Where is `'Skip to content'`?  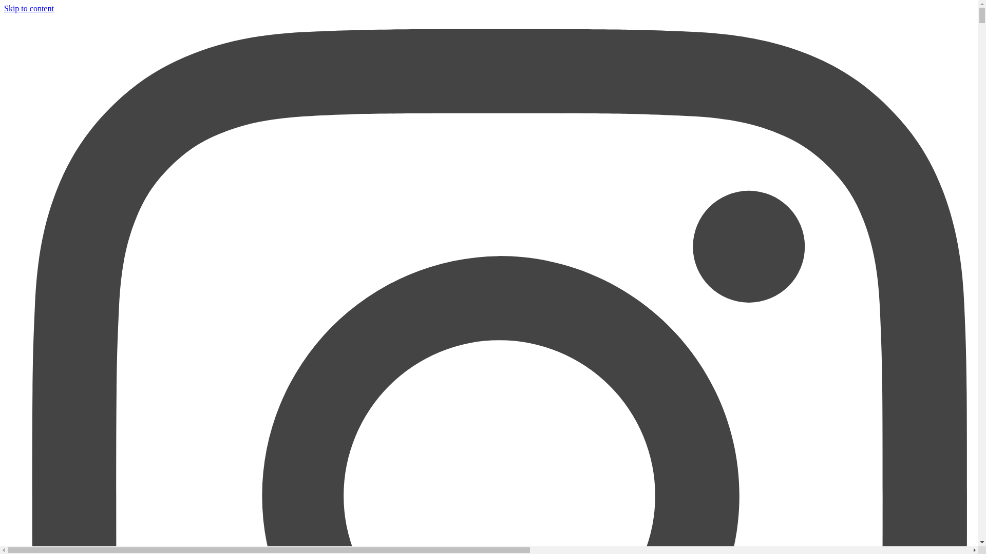
'Skip to content' is located at coordinates (29, 8).